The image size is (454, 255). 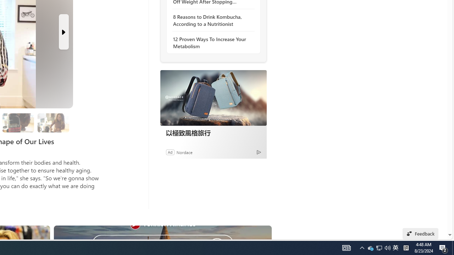 What do you see at coordinates (18, 122) in the screenshot?
I see `'6 Since Eating More Protein Her Training Has Improved'` at bounding box center [18, 122].